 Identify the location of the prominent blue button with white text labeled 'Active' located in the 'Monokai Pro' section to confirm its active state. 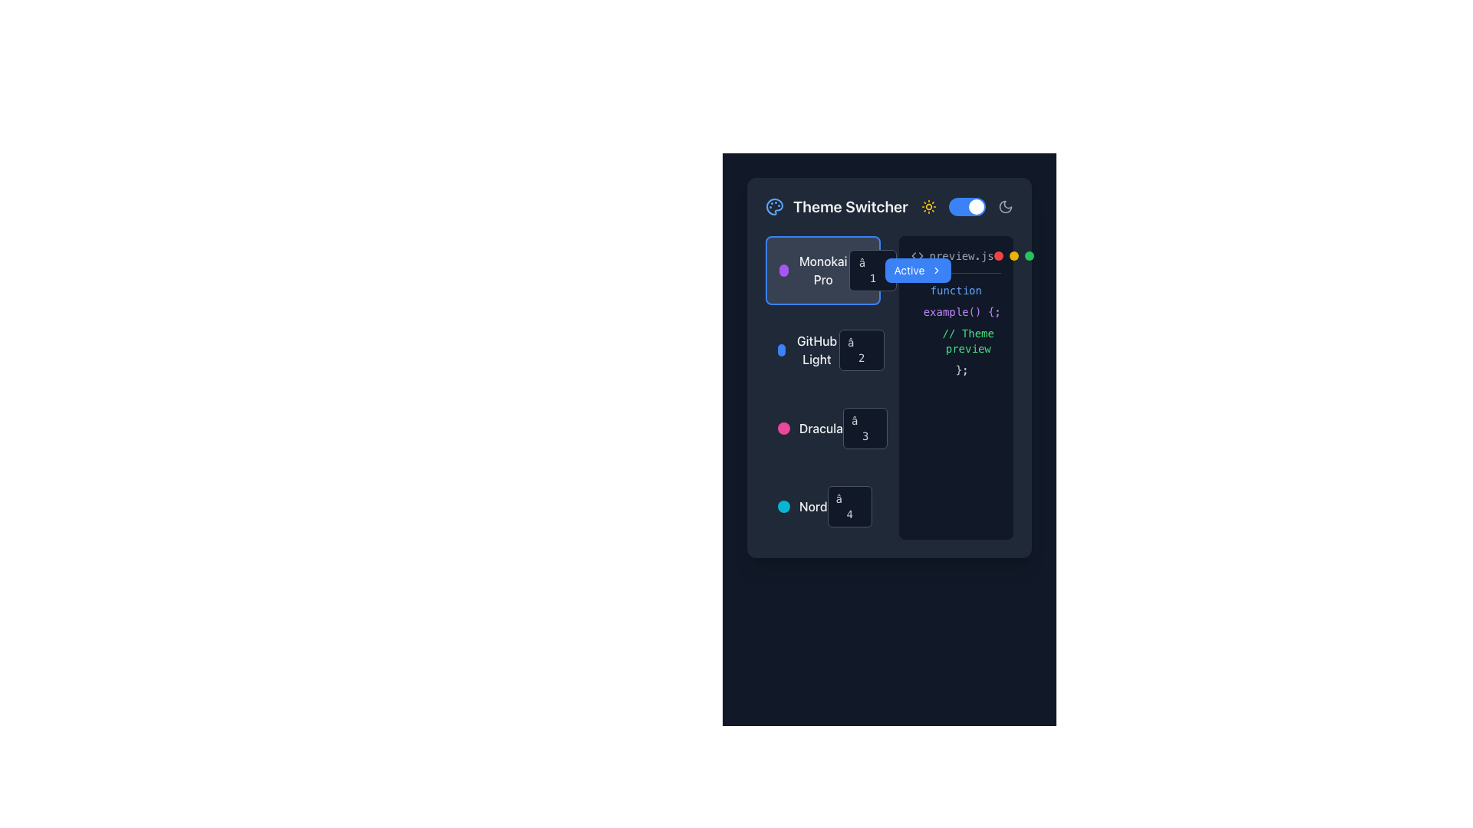
(918, 270).